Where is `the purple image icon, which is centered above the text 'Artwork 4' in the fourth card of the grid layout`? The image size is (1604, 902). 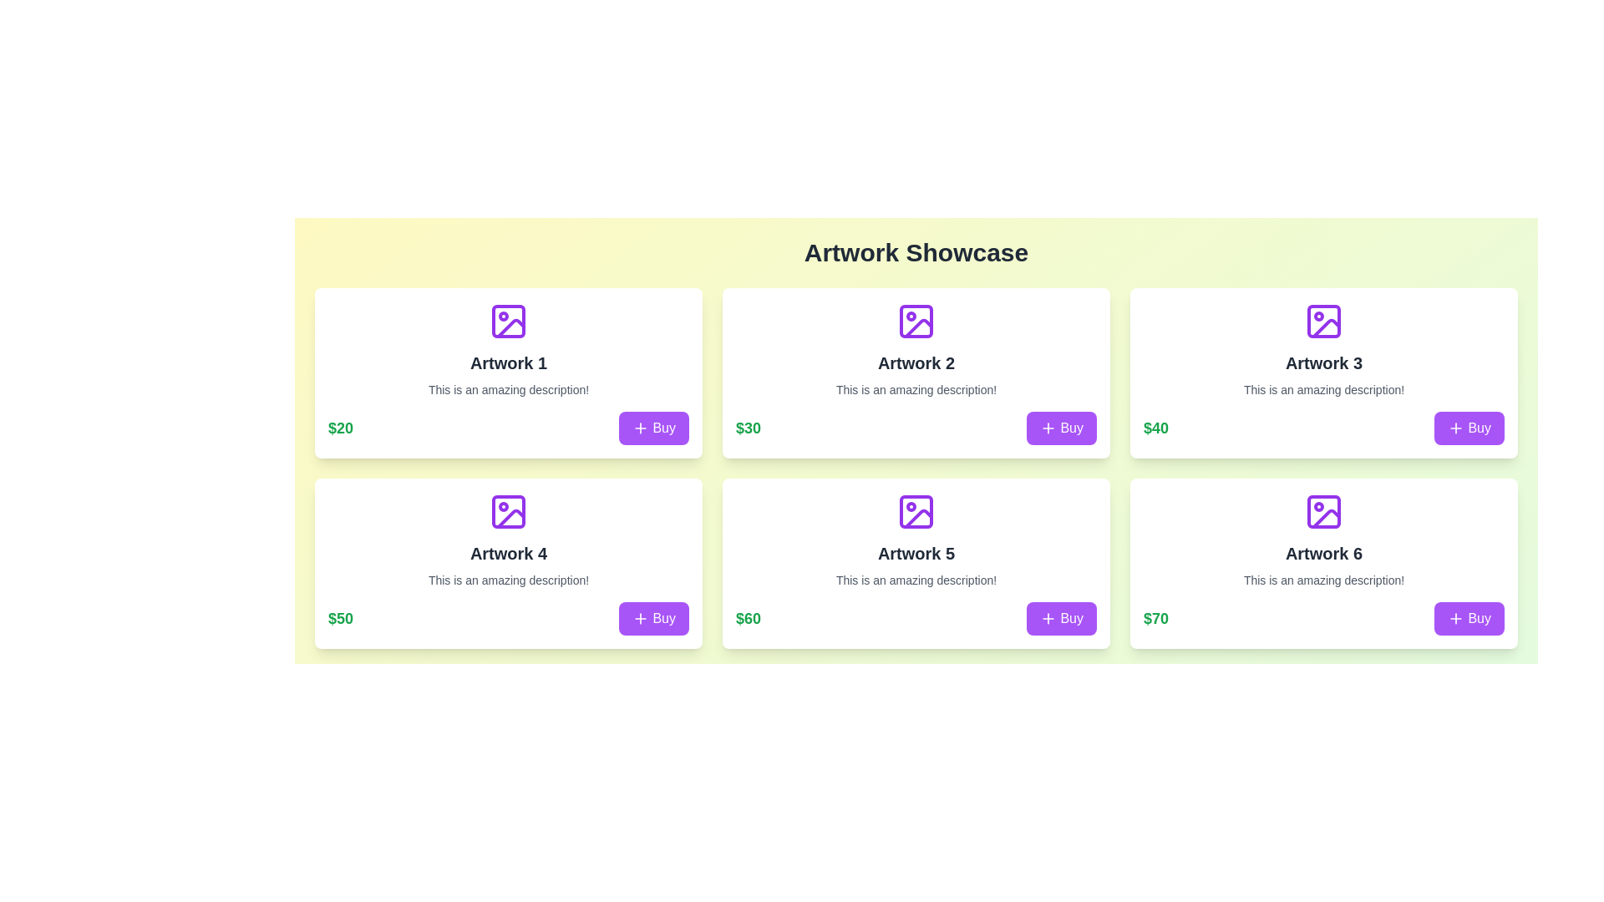
the purple image icon, which is centered above the text 'Artwork 4' in the fourth card of the grid layout is located at coordinates (508, 511).